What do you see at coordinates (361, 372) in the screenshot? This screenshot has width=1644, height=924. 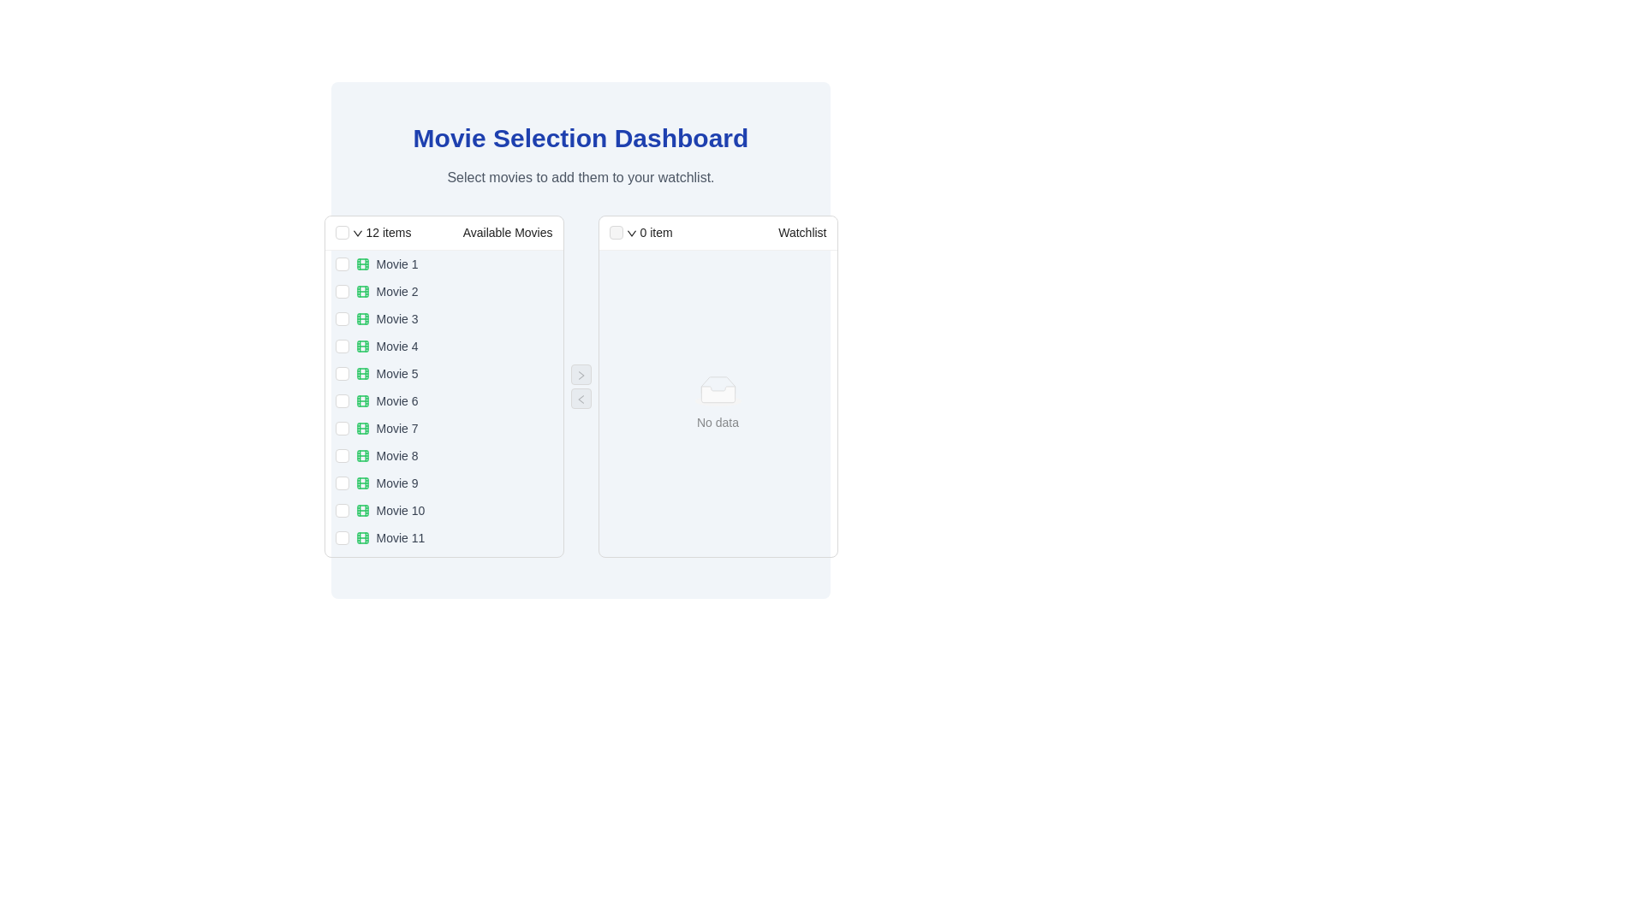 I see `the small, rounded rectangle graphical element representing the fifth movie in the list` at bounding box center [361, 372].